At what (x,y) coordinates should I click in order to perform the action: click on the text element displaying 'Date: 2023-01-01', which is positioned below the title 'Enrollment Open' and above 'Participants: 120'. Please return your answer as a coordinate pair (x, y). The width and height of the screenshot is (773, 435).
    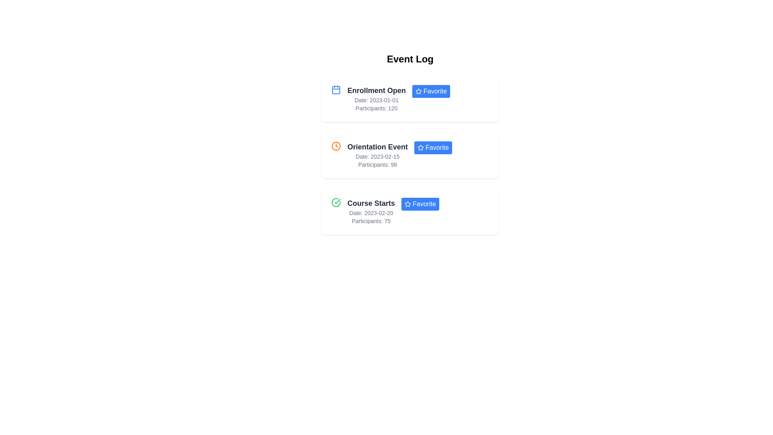
    Looking at the image, I should click on (376, 100).